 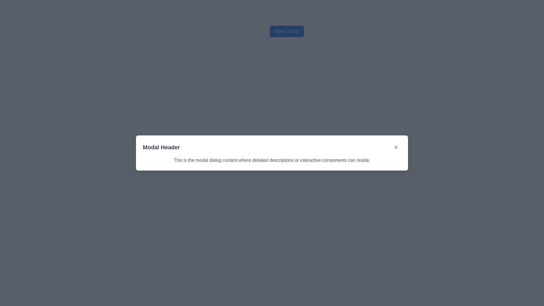 I want to click on the 'Modal Header' text label, which is prominently styled in bold, larger font and located at the top left of the modal dialog box, so click(x=161, y=147).